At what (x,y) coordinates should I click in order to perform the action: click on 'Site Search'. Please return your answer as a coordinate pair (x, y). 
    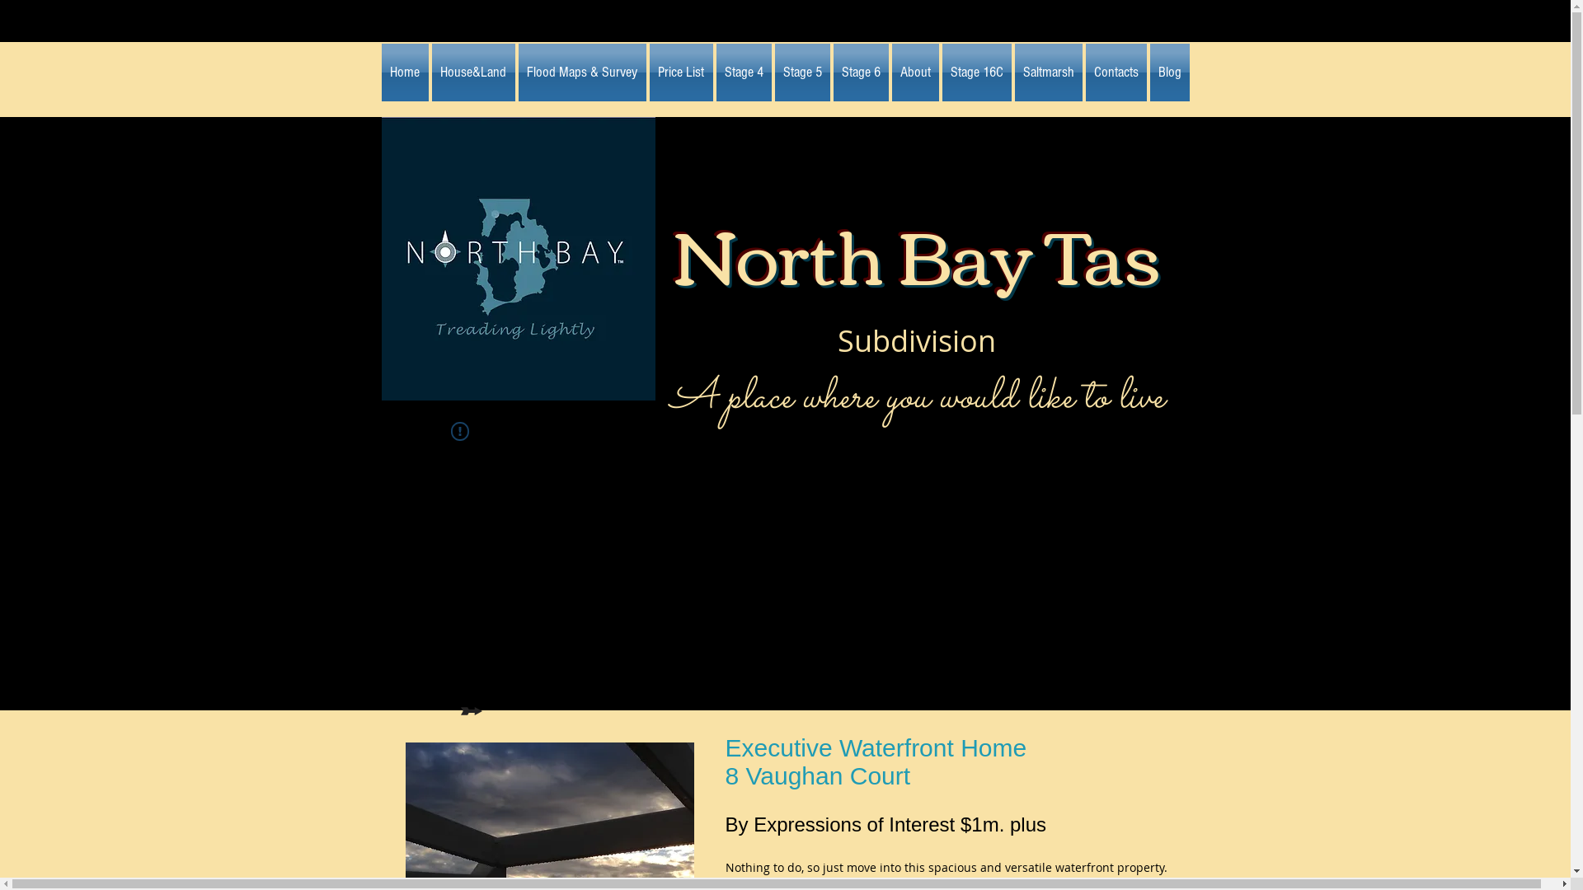
    Looking at the image, I should click on (1028, 458).